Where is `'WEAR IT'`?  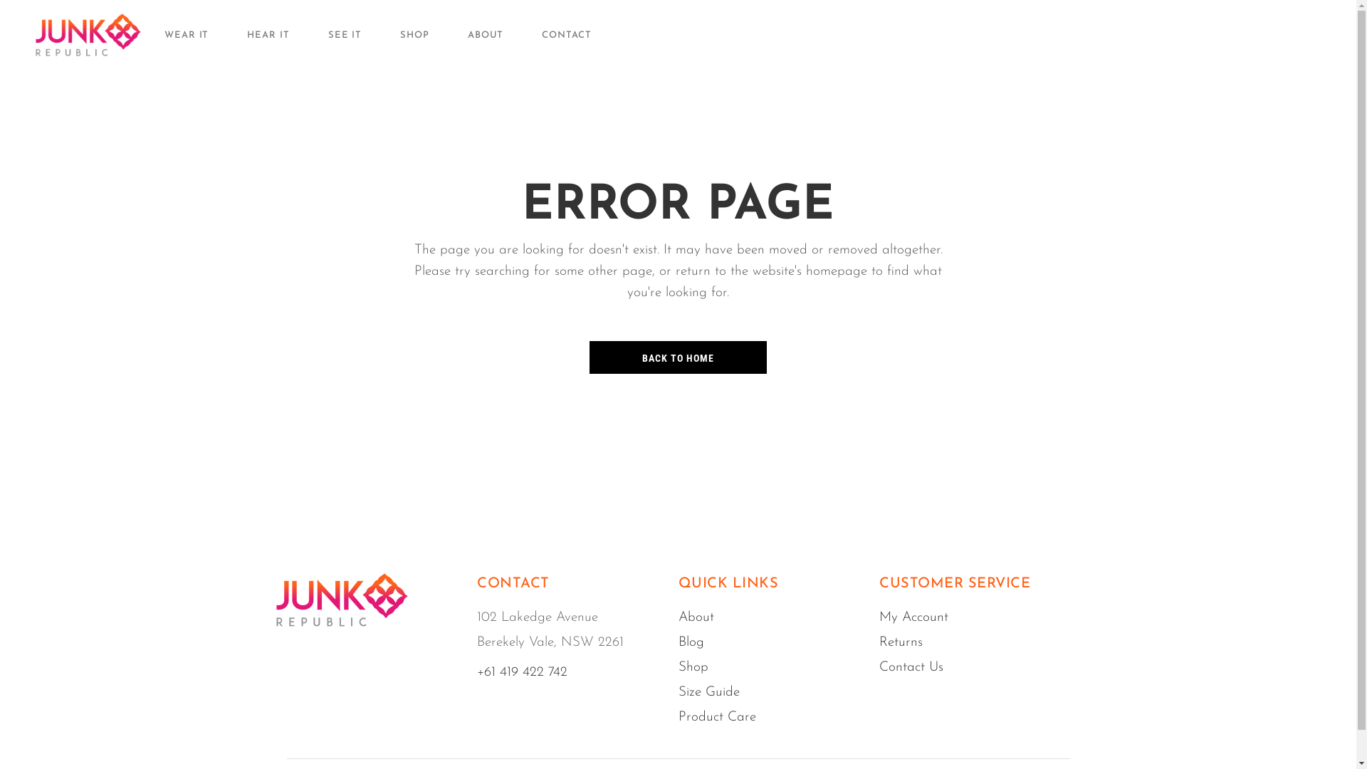 'WEAR IT' is located at coordinates (164, 34).